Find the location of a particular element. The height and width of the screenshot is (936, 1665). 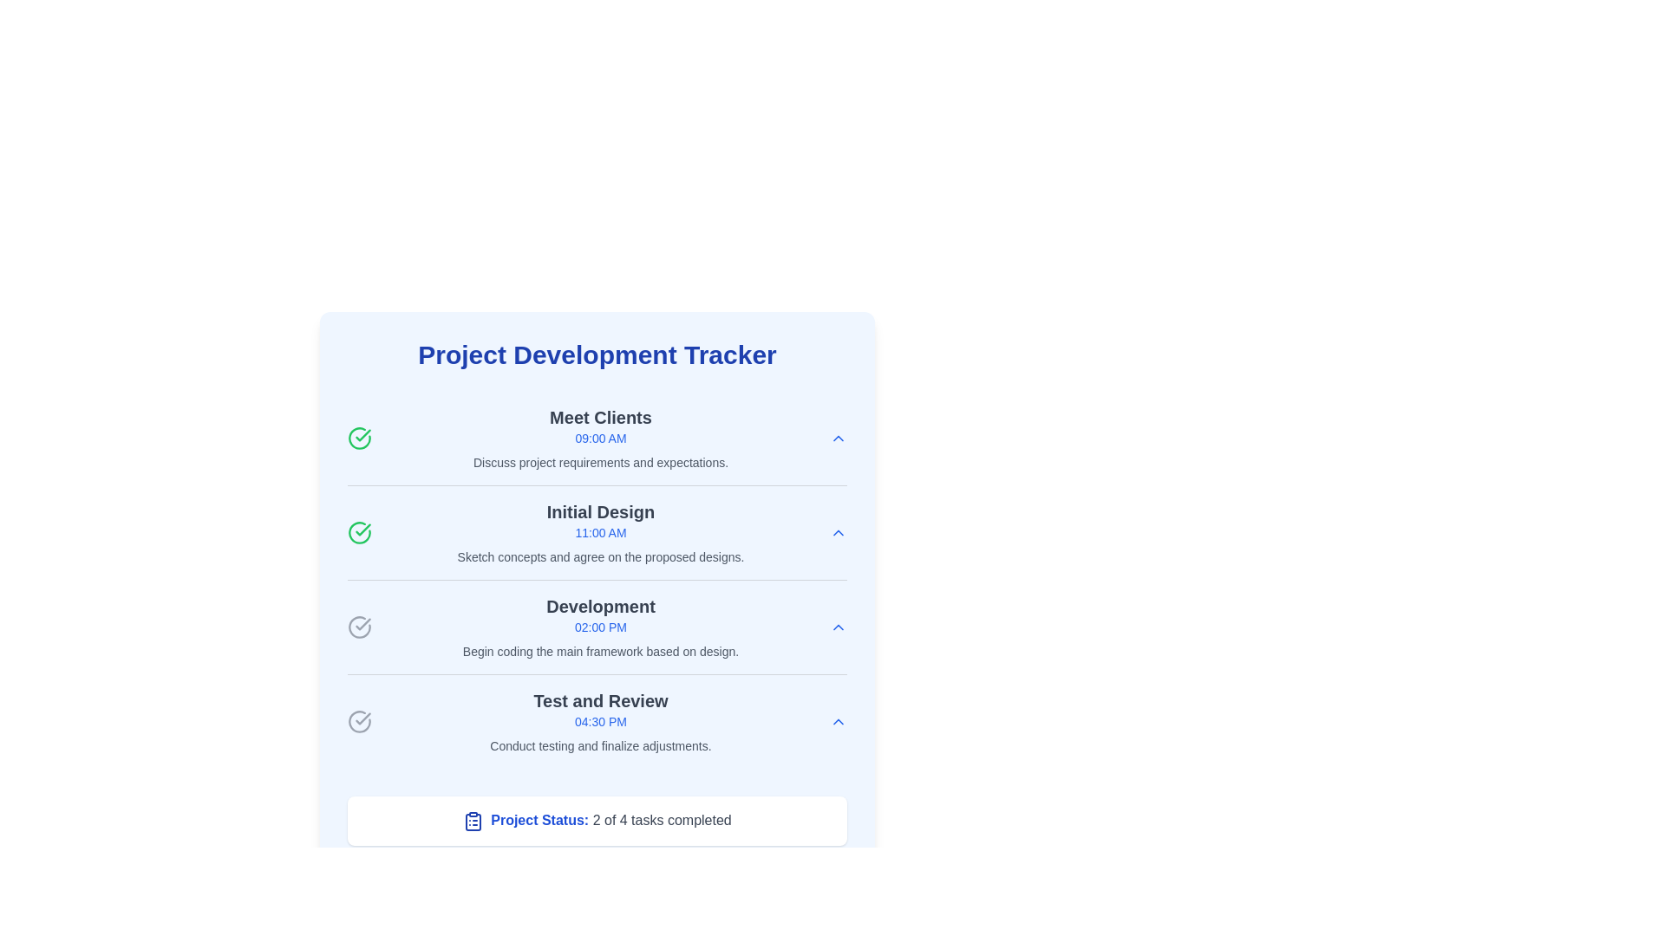

text label that contains 'Begin coding the main framework based on design.' positioned under the title 'Development' and the time indicator '02:00 PM' is located at coordinates (600, 652).